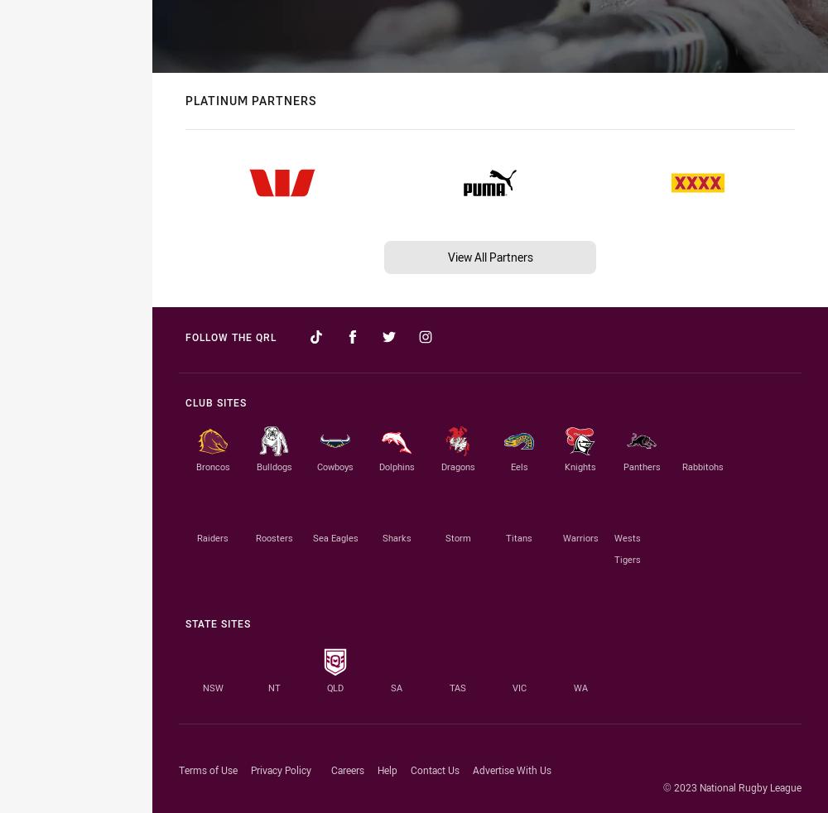 This screenshot has height=813, width=828. I want to click on 'Titans', so click(519, 536).